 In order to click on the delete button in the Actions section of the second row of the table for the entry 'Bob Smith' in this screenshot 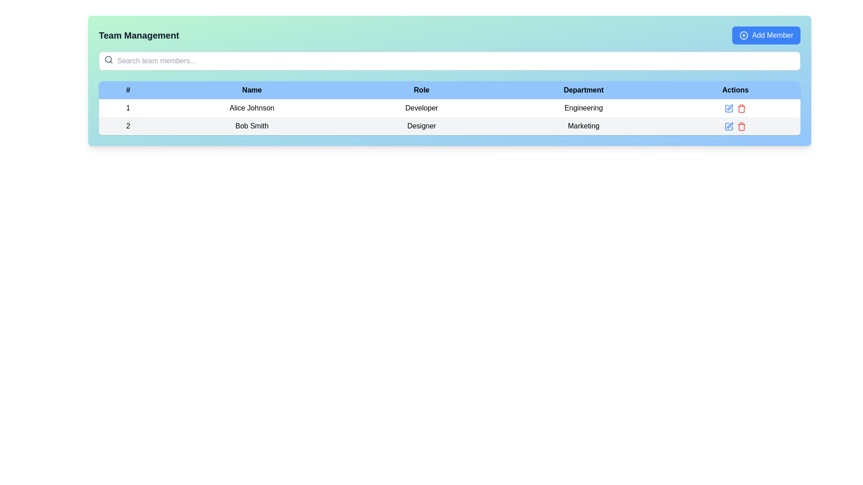, I will do `click(742, 109)`.